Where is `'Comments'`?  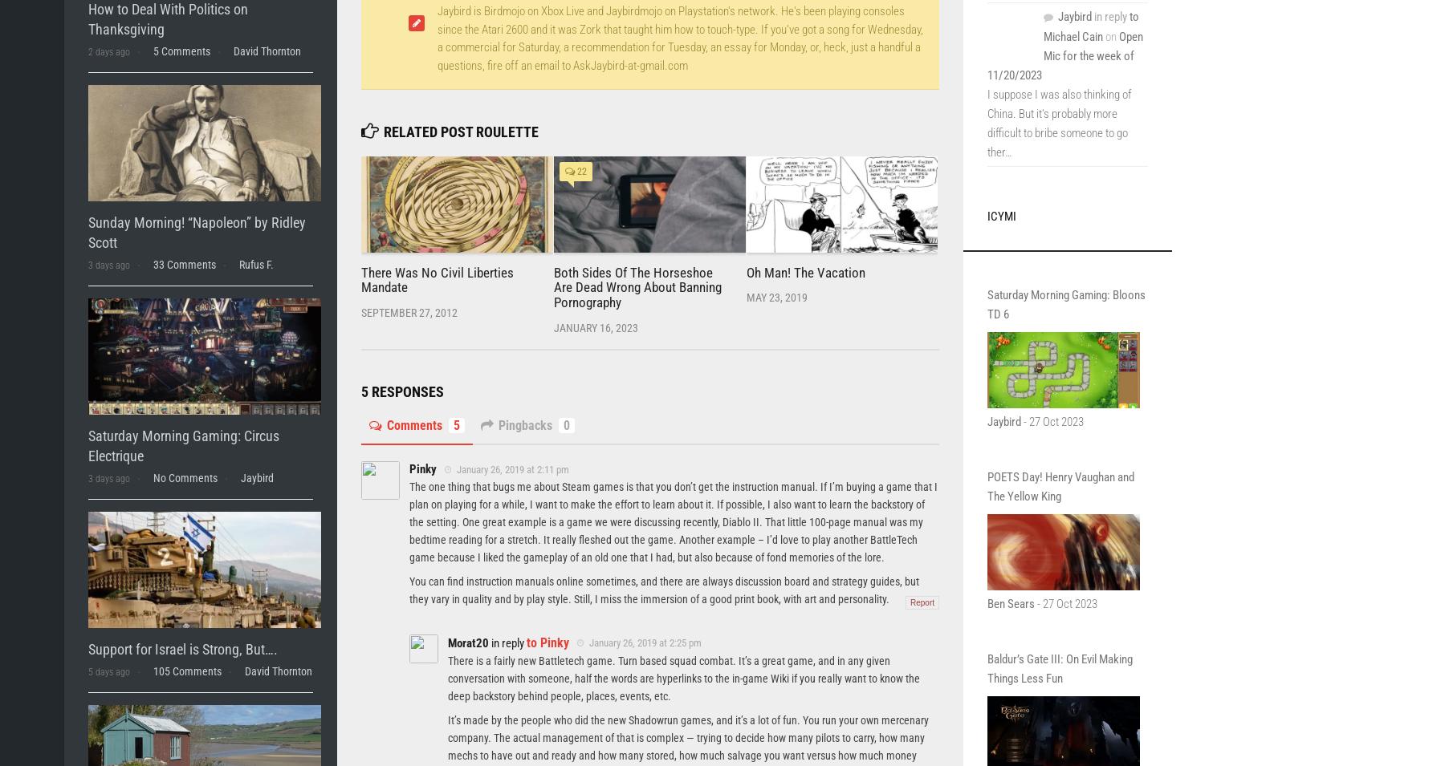 'Comments' is located at coordinates (413, 424).